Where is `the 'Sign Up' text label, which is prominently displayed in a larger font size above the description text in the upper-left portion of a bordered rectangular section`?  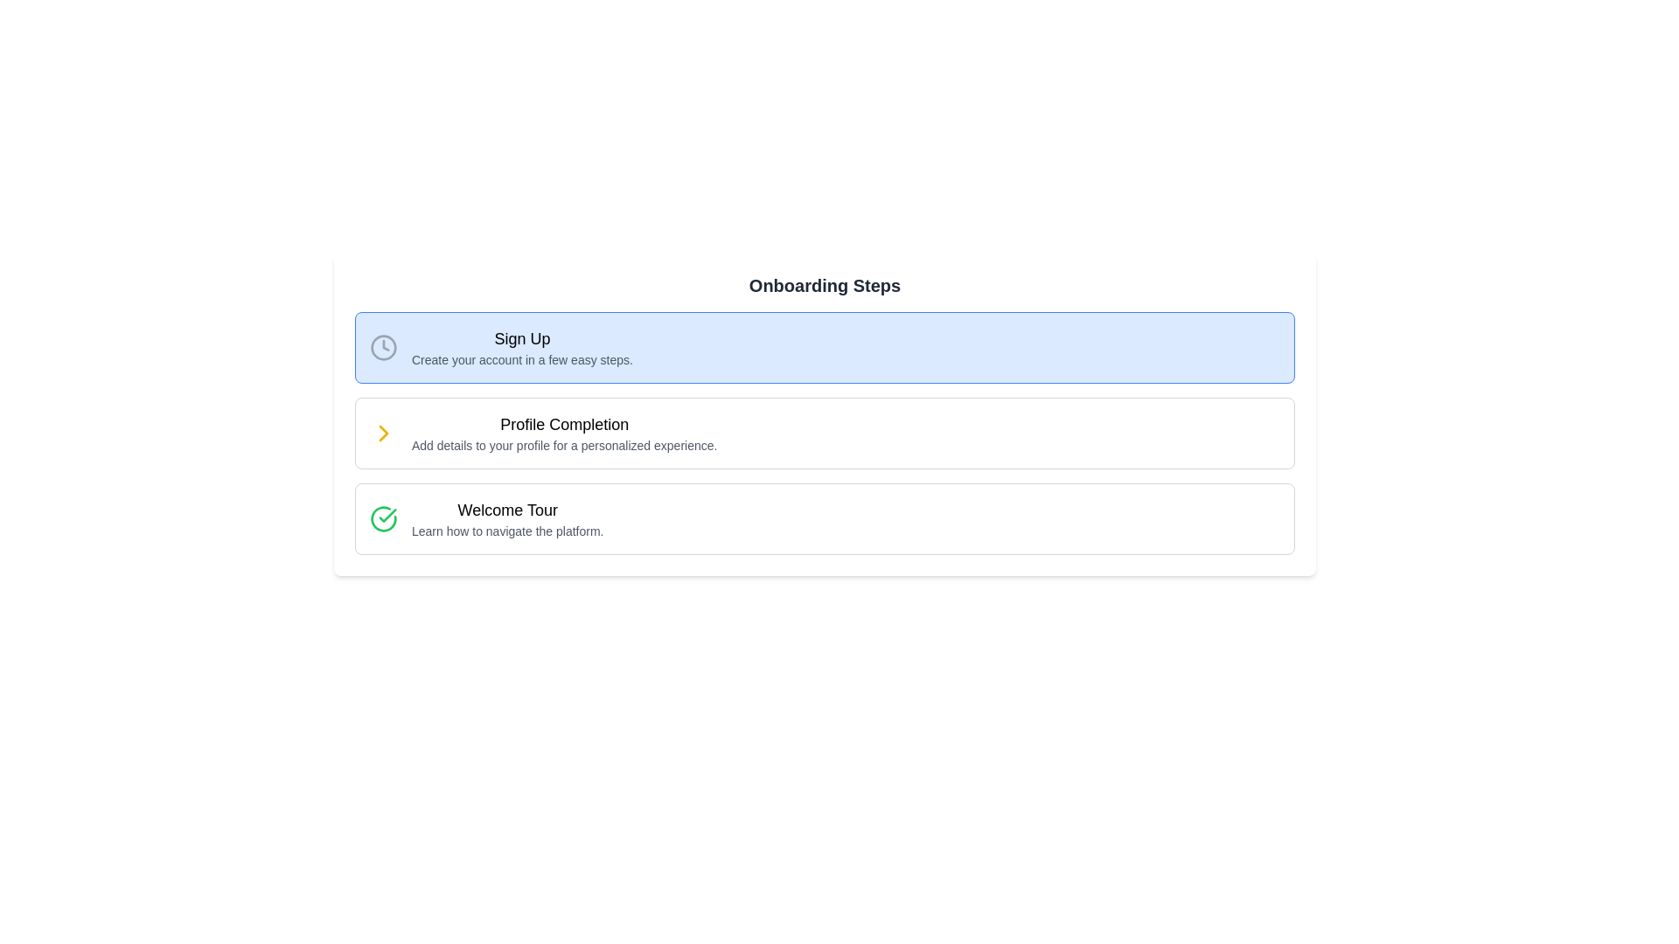 the 'Sign Up' text label, which is prominently displayed in a larger font size above the description text in the upper-left portion of a bordered rectangular section is located at coordinates (521, 339).